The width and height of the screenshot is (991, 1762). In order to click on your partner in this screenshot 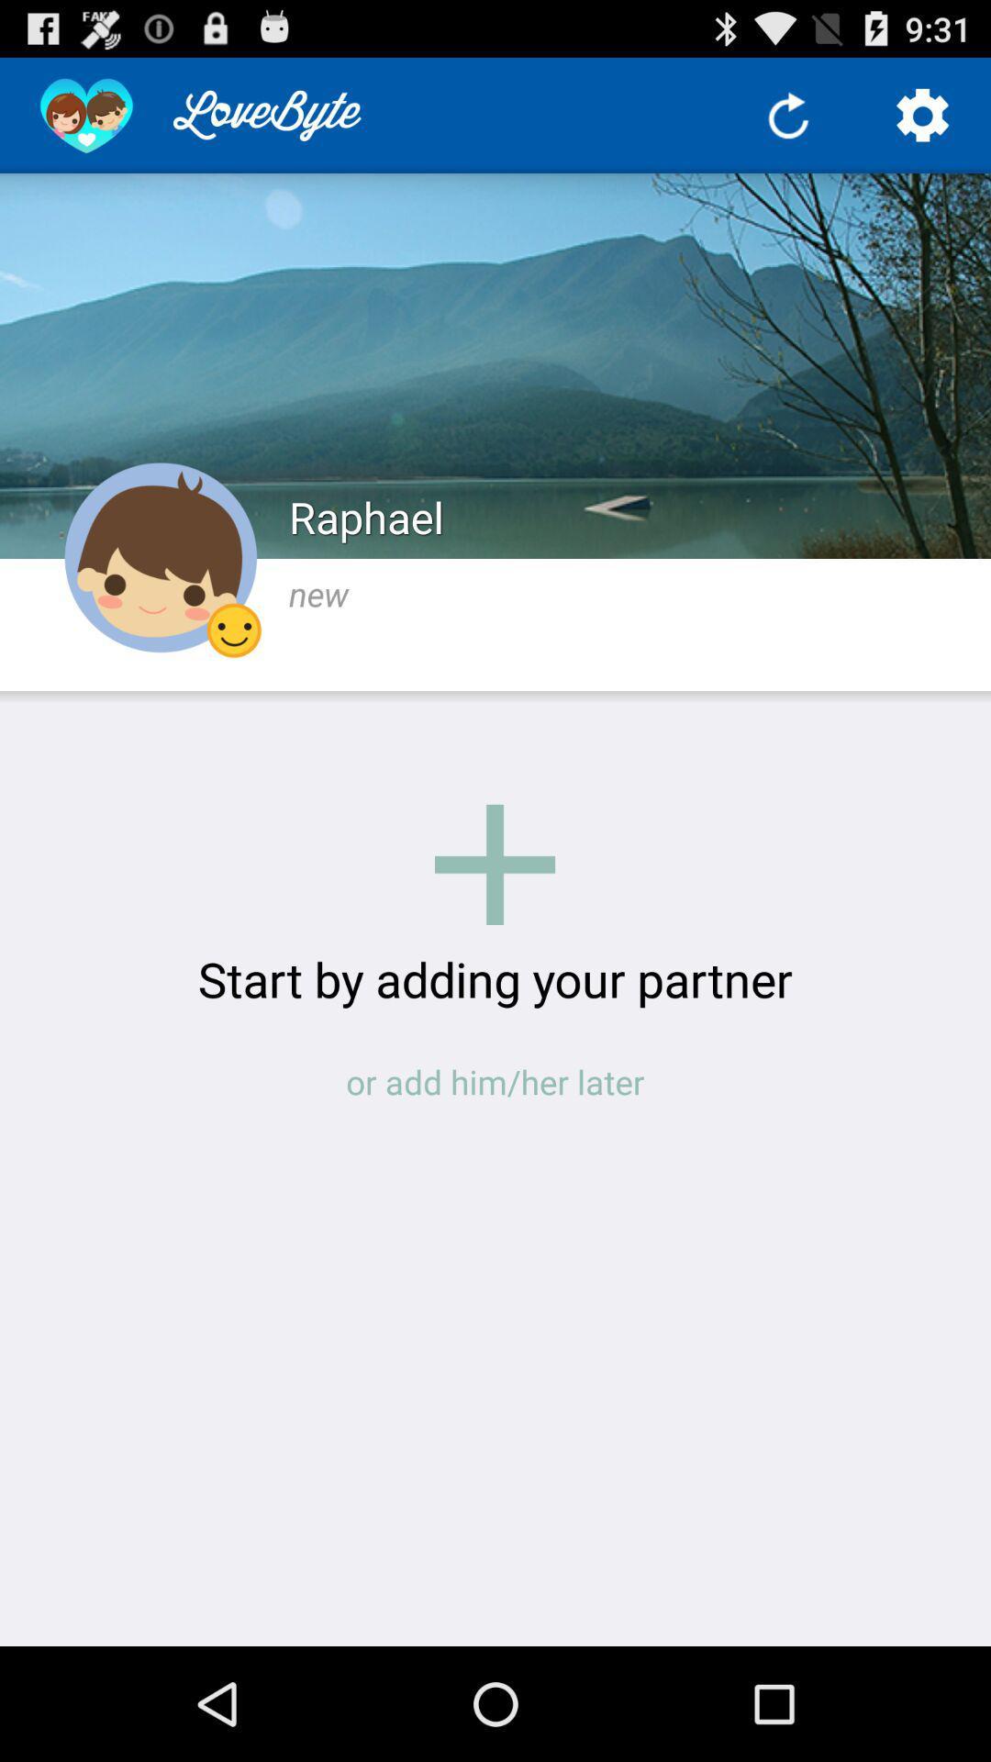, I will do `click(494, 864)`.